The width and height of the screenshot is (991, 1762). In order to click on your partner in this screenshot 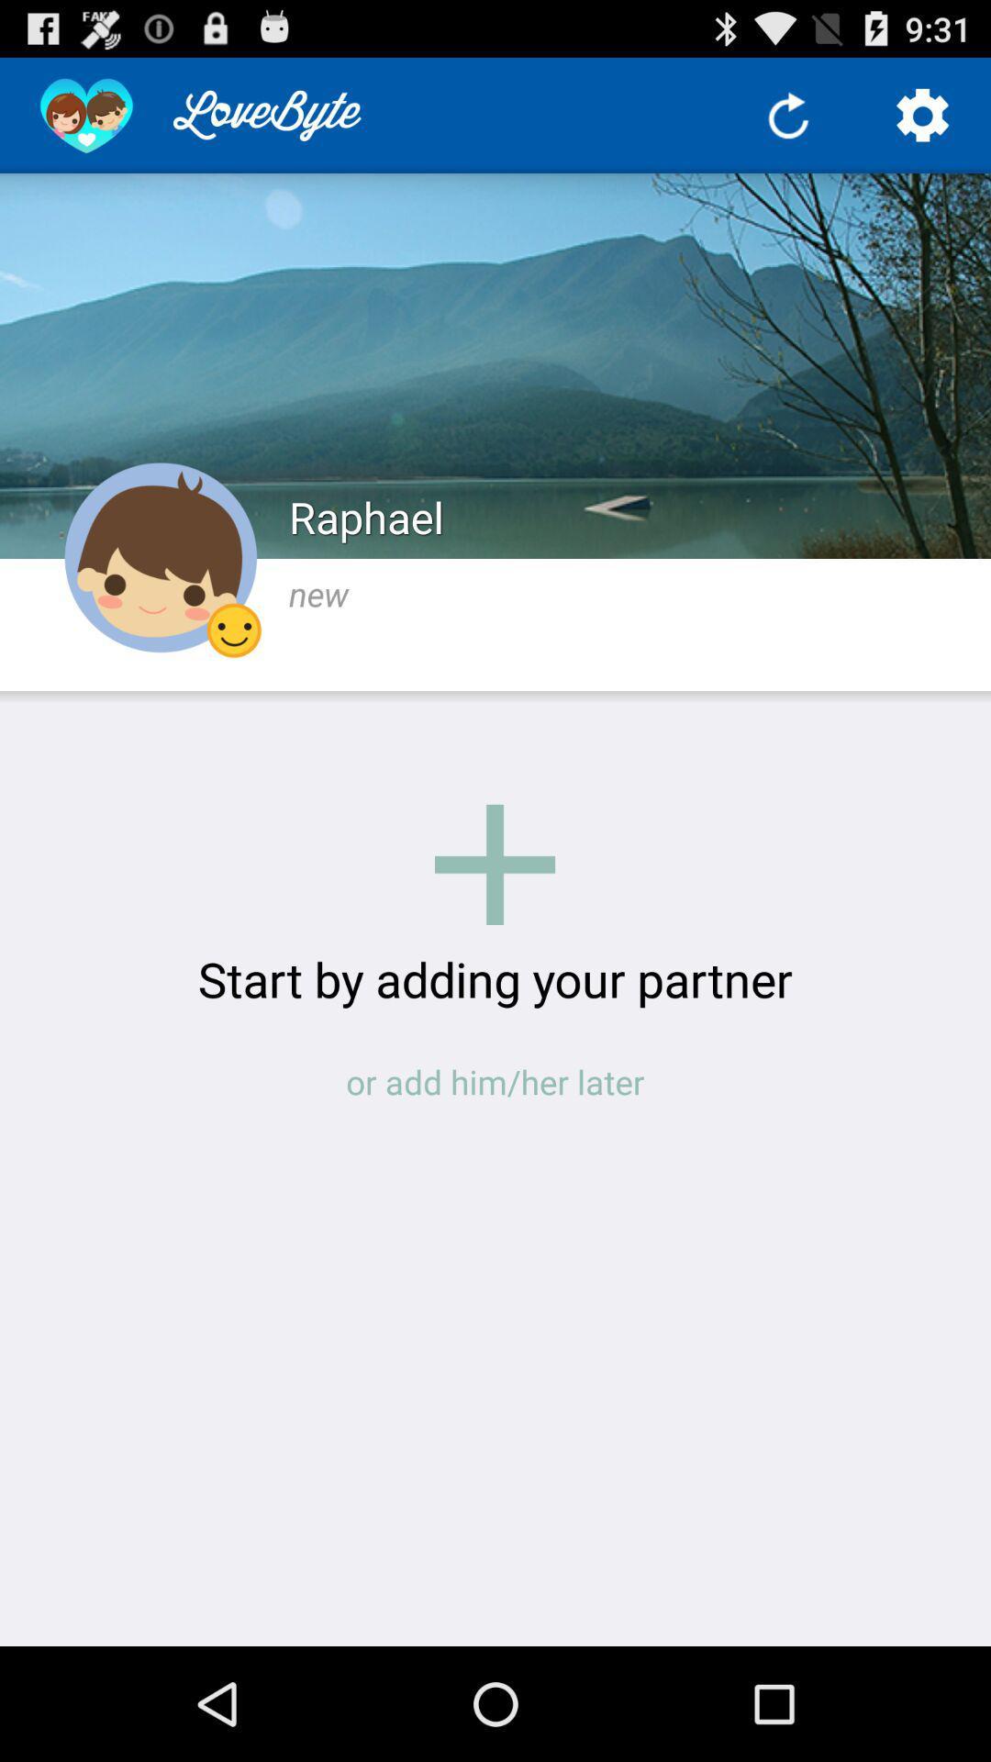, I will do `click(494, 864)`.